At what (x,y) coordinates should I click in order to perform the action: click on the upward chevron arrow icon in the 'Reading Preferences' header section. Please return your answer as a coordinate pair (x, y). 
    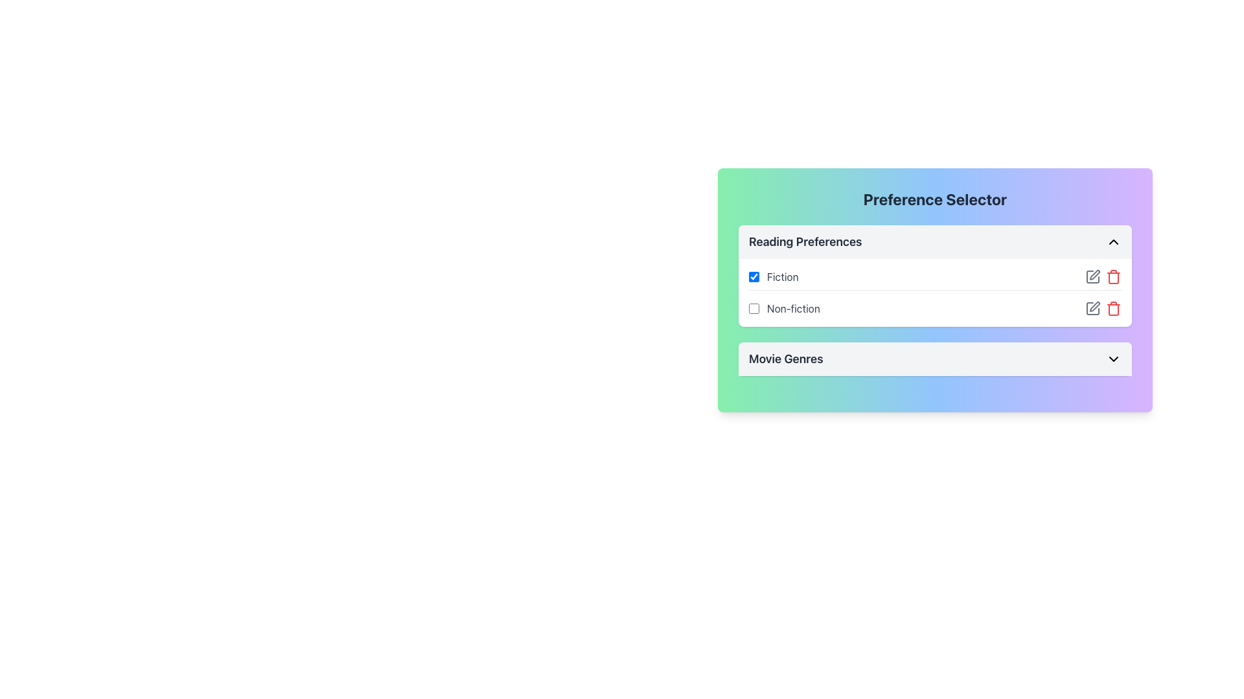
    Looking at the image, I should click on (1112, 242).